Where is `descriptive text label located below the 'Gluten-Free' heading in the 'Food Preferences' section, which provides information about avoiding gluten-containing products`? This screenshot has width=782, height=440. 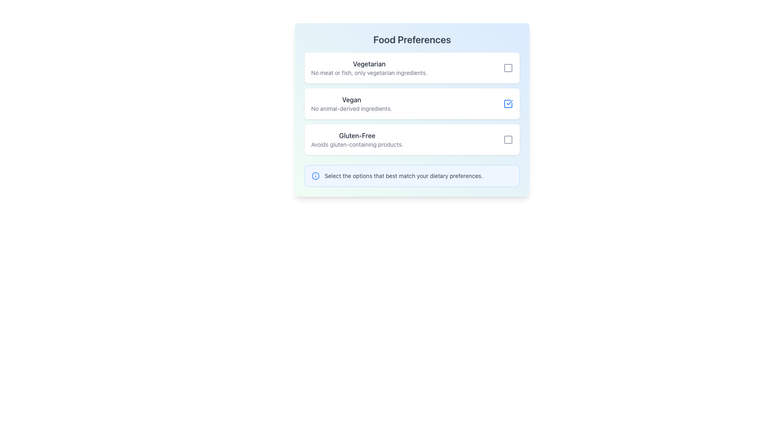
descriptive text label located below the 'Gluten-Free' heading in the 'Food Preferences' section, which provides information about avoiding gluten-containing products is located at coordinates (357, 144).